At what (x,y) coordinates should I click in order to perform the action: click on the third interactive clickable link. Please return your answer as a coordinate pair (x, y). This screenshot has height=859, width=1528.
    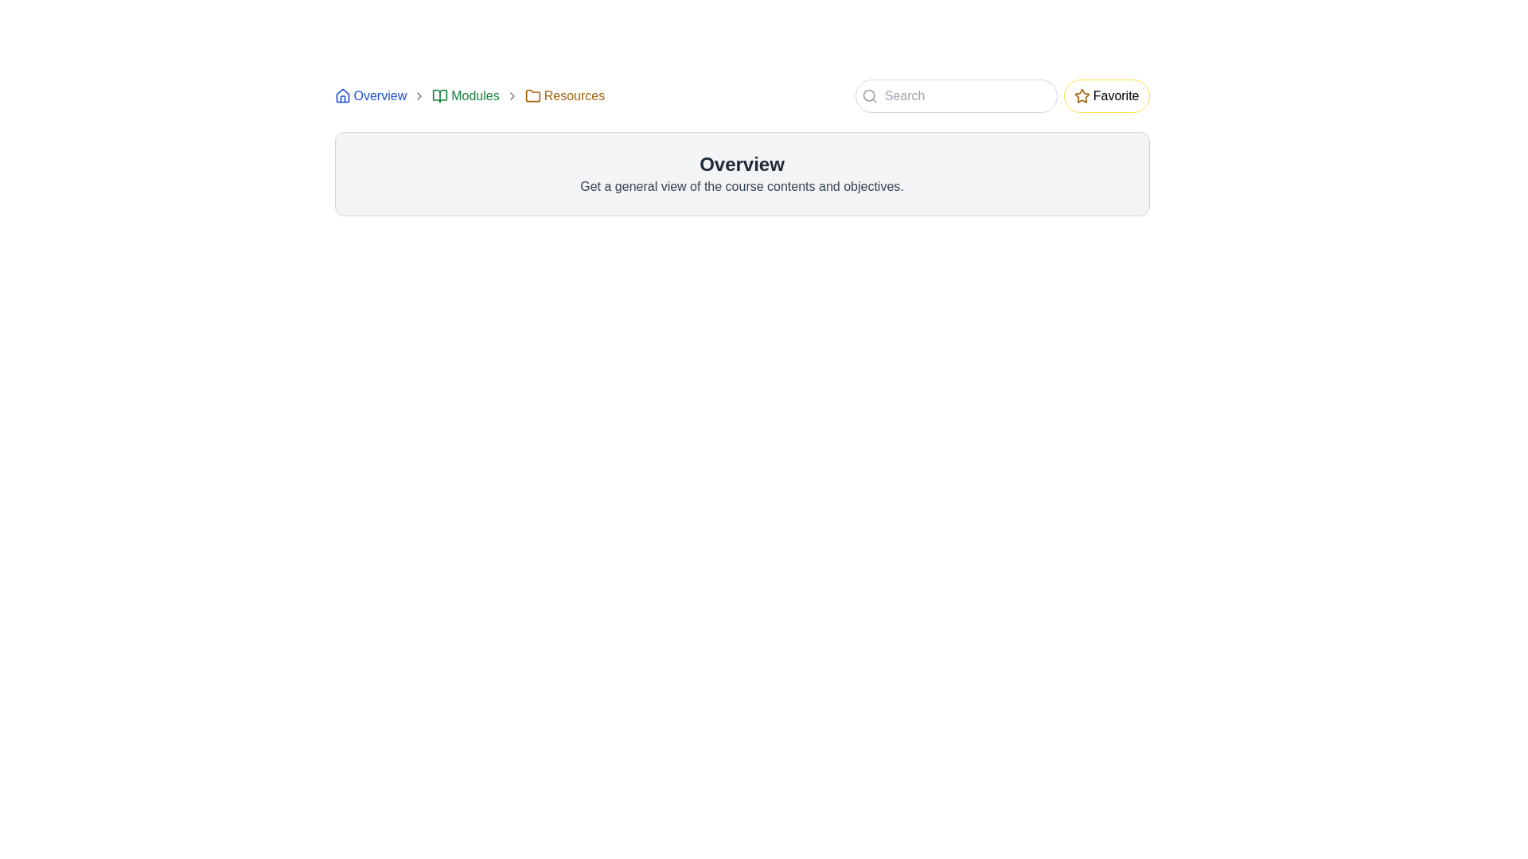
    Looking at the image, I should click on (564, 95).